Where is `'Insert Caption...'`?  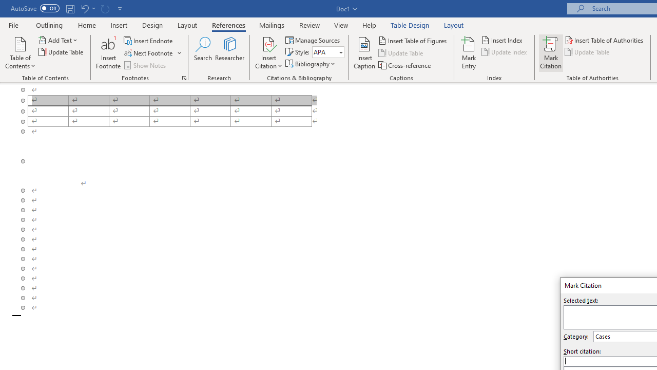
'Insert Caption...' is located at coordinates (364, 53).